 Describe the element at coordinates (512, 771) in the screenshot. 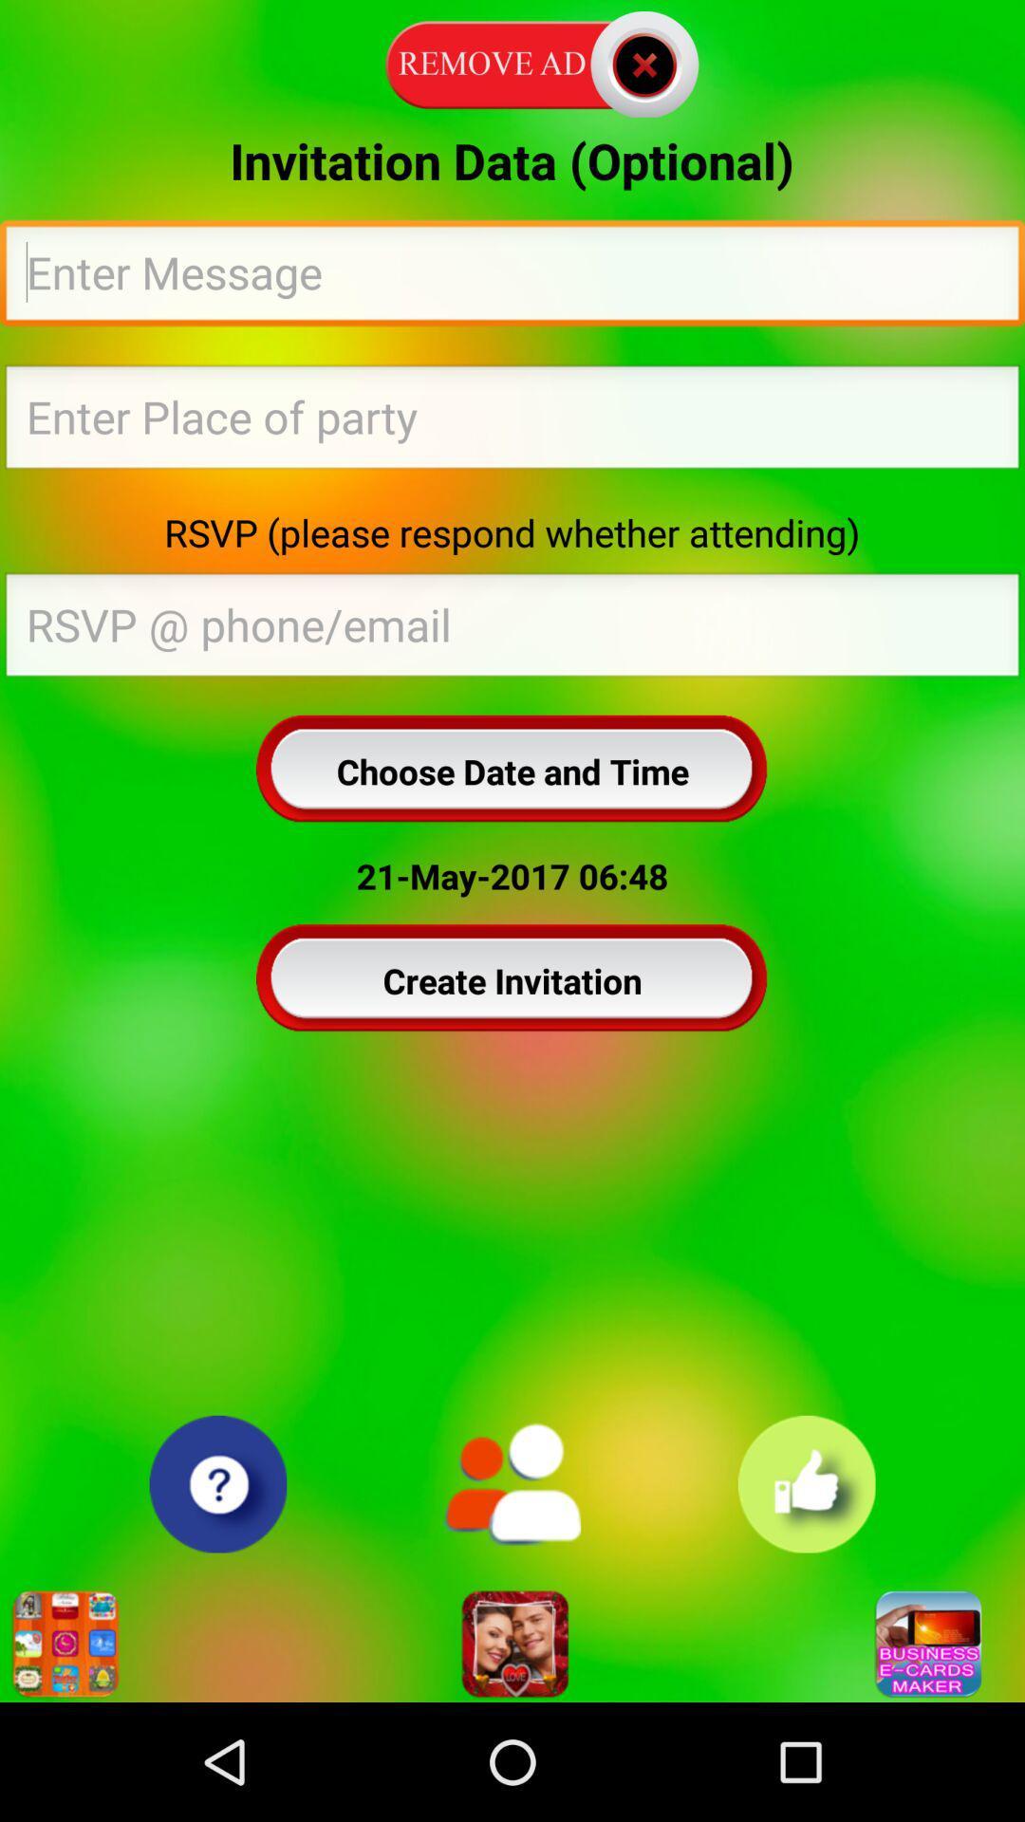

I see `app above the 21 may 2017 item` at that location.